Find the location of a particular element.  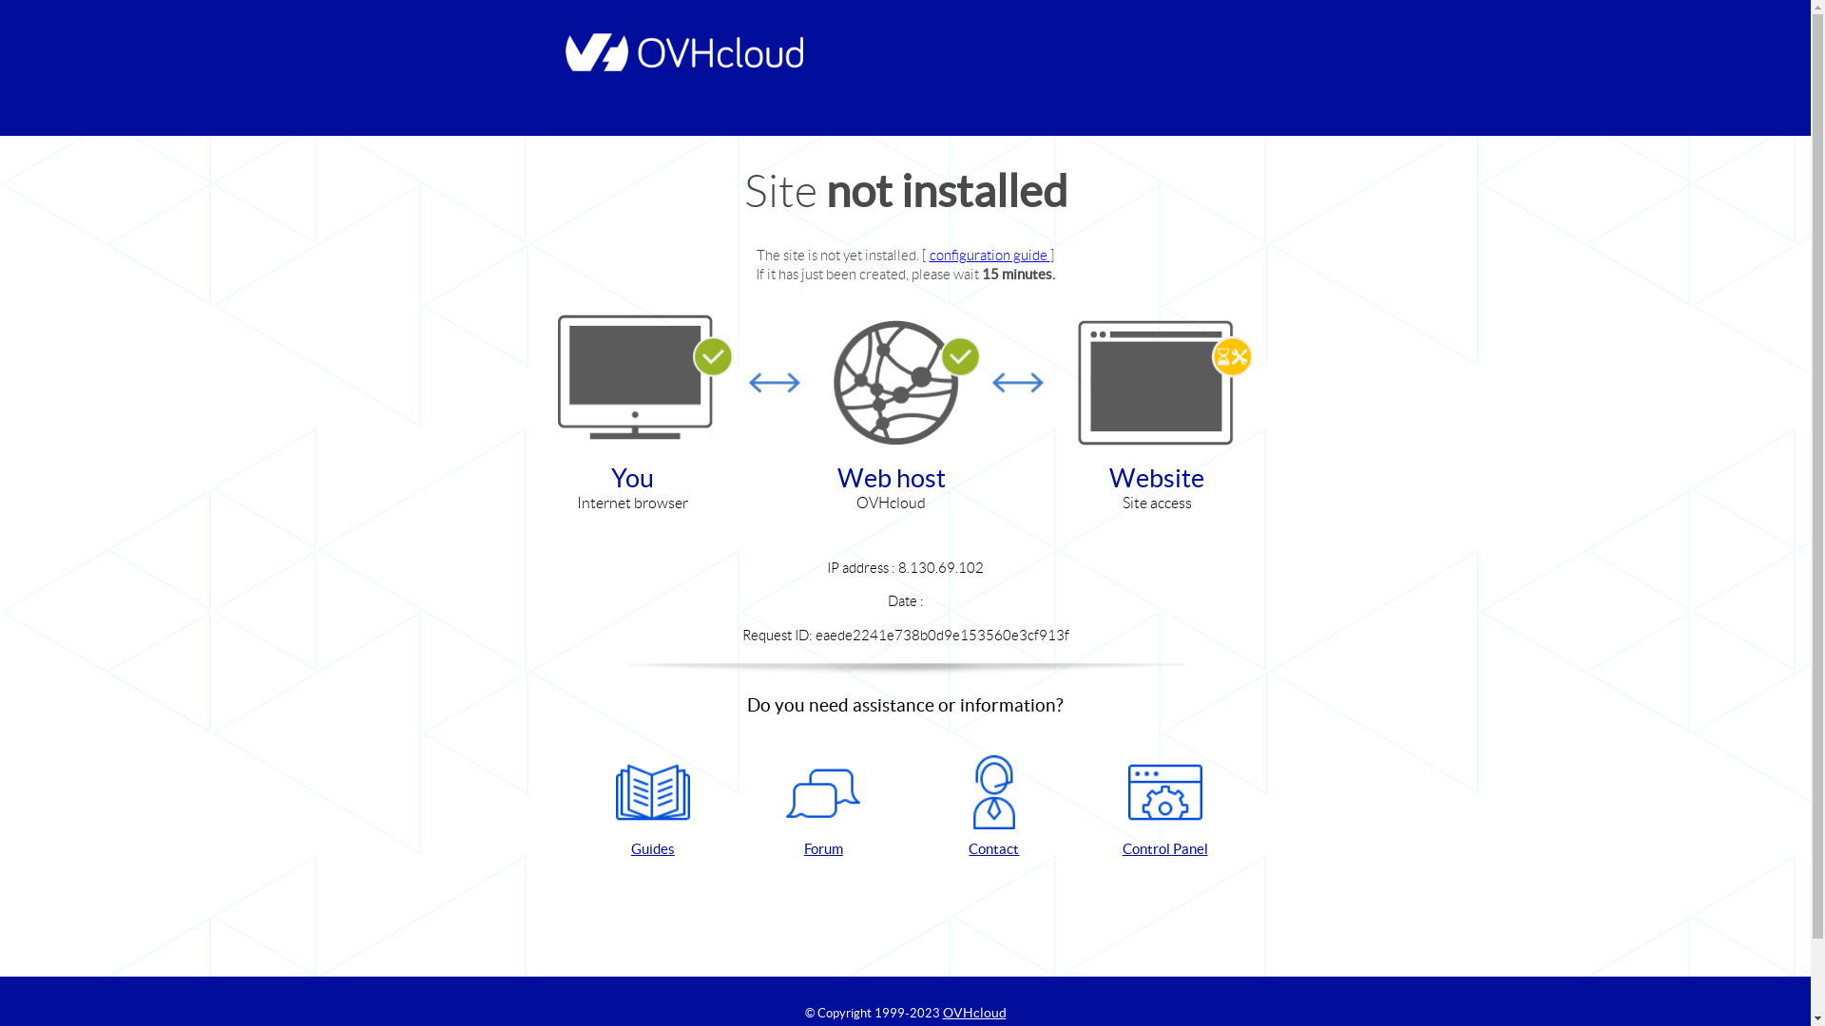

'Forum' is located at coordinates (822, 807).